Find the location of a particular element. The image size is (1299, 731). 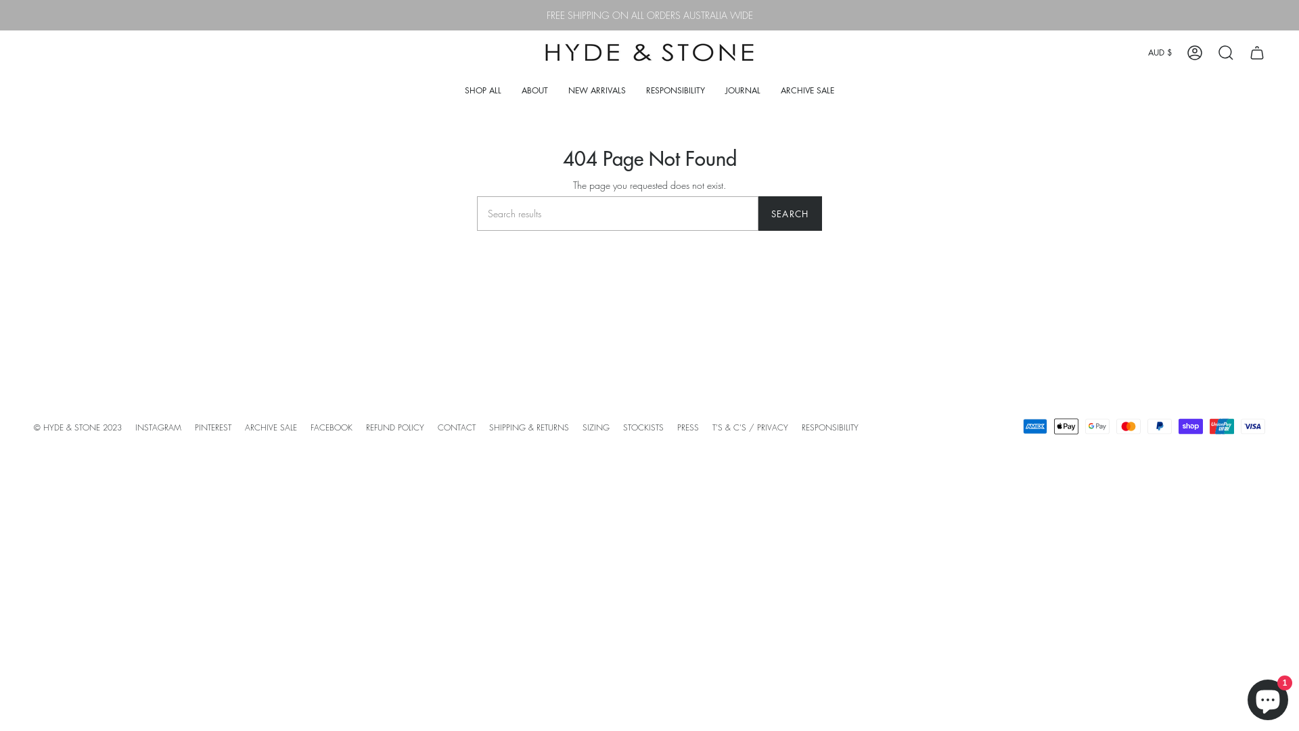

'SHIPPING & RETURNS' is located at coordinates (528, 427).